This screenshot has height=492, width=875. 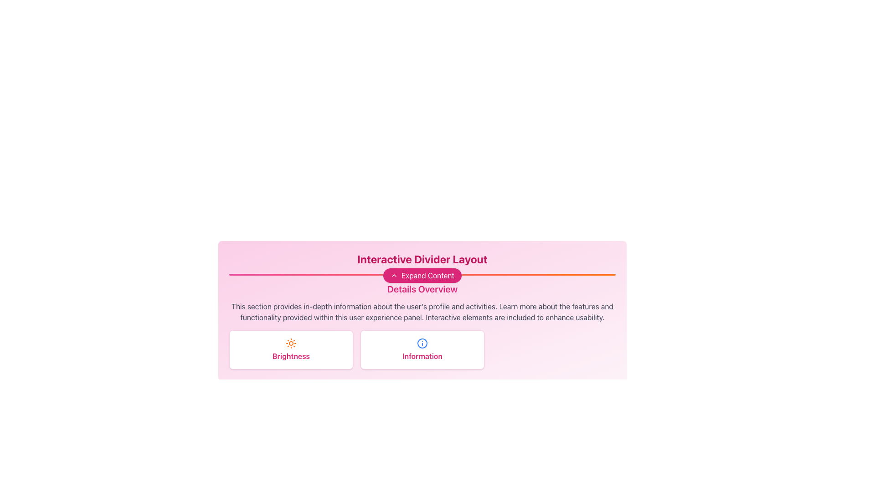 What do you see at coordinates (422, 343) in the screenshot?
I see `the circular information icon with a blue outline and hollow center, located above the text 'Information' within a pink-themed interface` at bounding box center [422, 343].